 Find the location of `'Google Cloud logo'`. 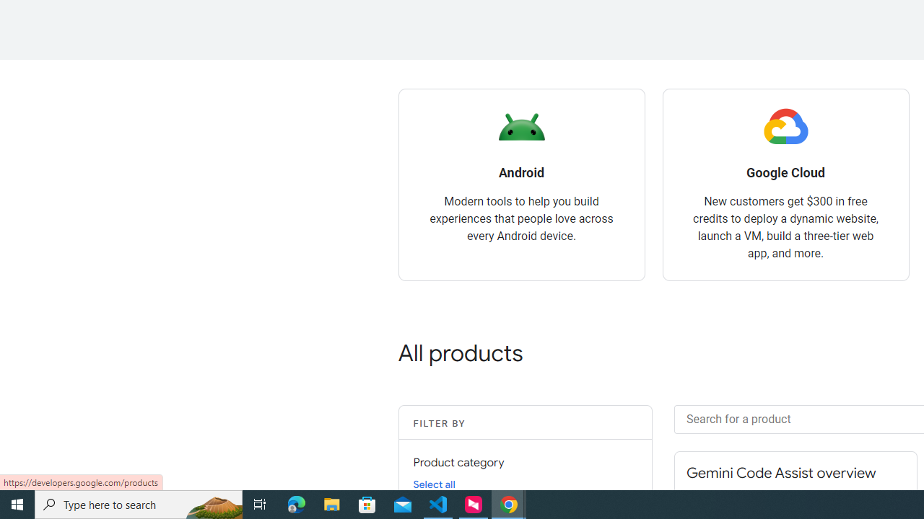

'Google Cloud logo' is located at coordinates (785, 126).